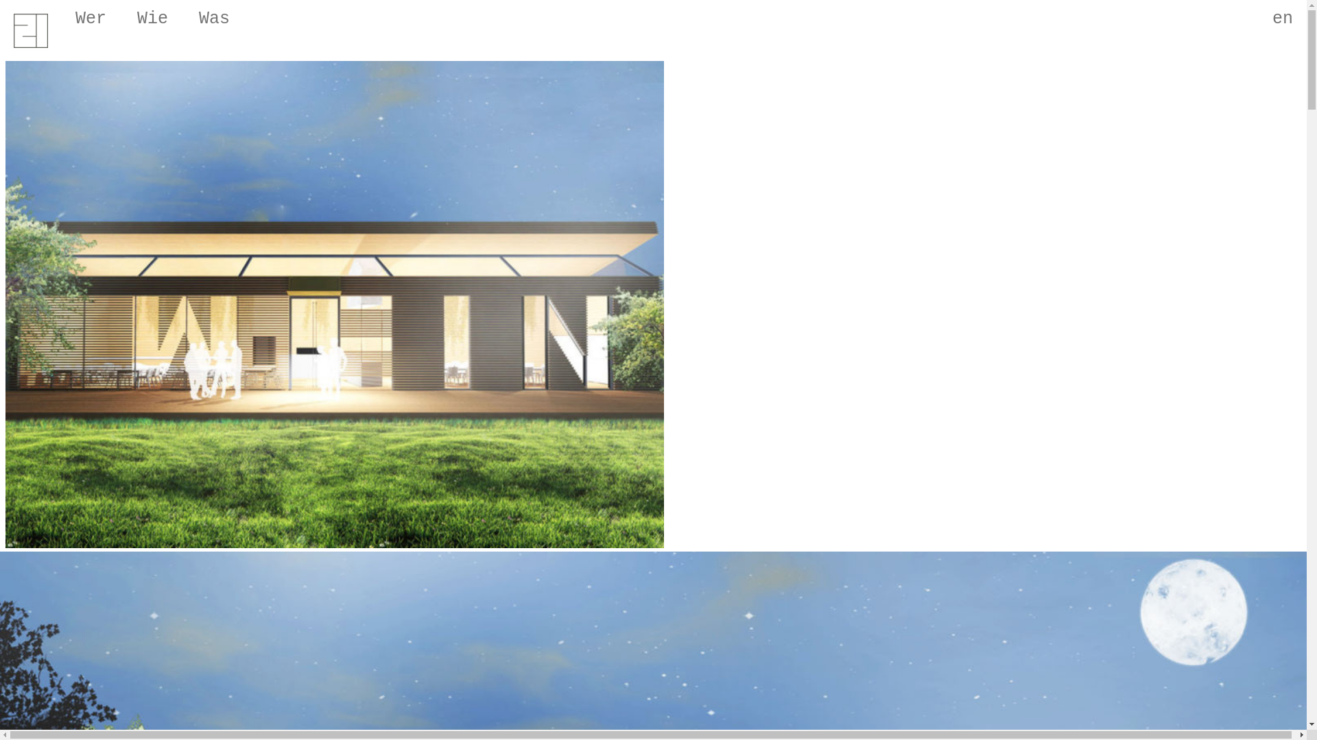  Describe the element at coordinates (1258, 15) in the screenshot. I see `'en'` at that location.